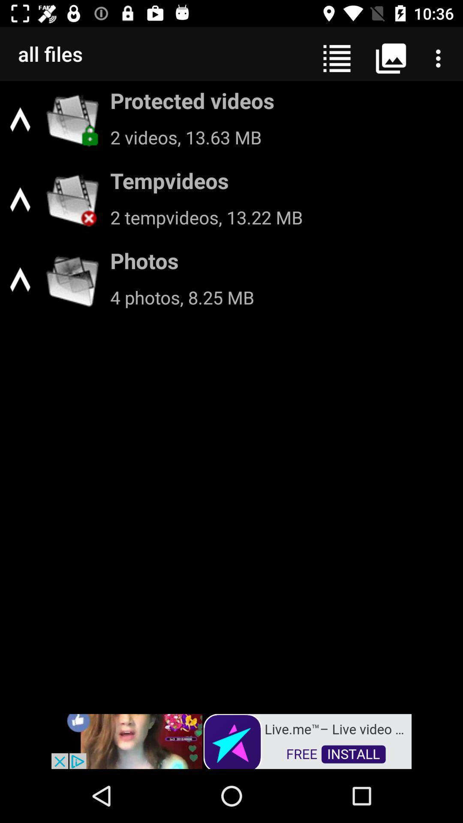 Image resolution: width=463 pixels, height=823 pixels. Describe the element at coordinates (231, 740) in the screenshot. I see `visualizar anncio` at that location.